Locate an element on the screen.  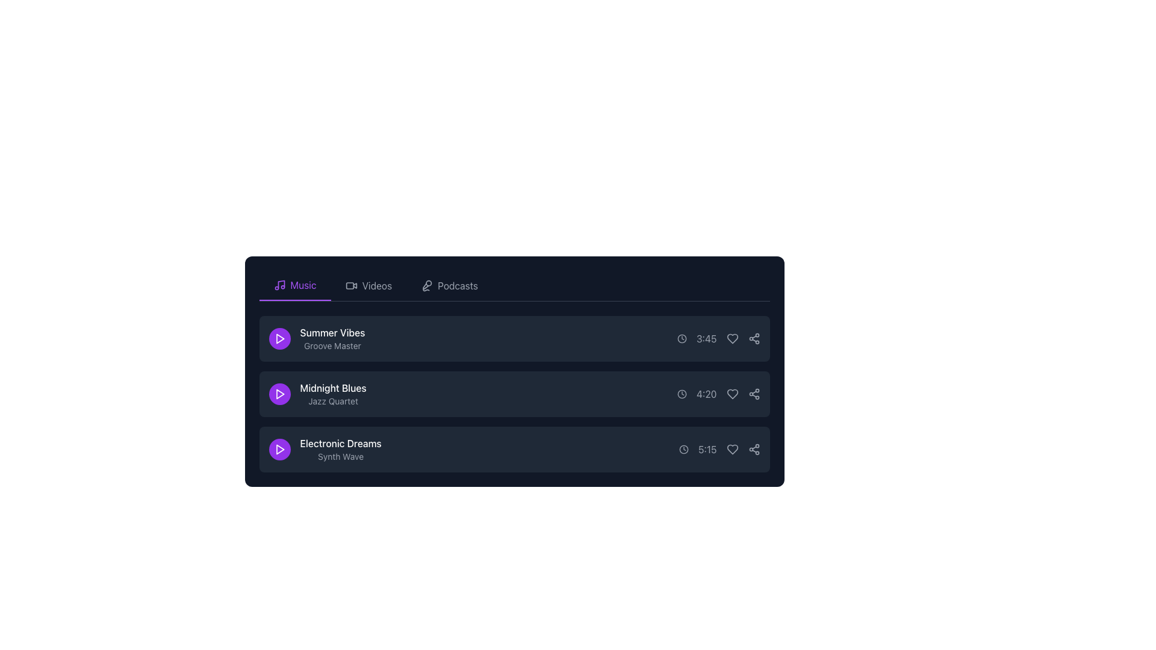
the share button, which is styled as an icon with interconnected circles and lines, located on the far-right of the row displaying the 'Midnight Blues' item is located at coordinates (753, 394).